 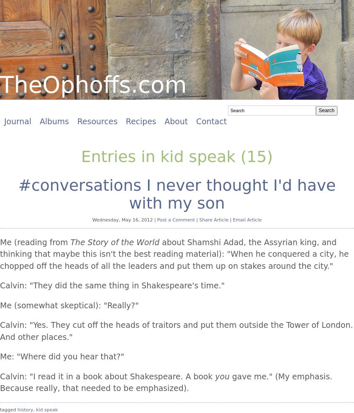 What do you see at coordinates (176, 330) in the screenshot?
I see `'Calvin: "Yes. They cut off the heads of traitors and put them outside the Tower of London. And other places."'` at bounding box center [176, 330].